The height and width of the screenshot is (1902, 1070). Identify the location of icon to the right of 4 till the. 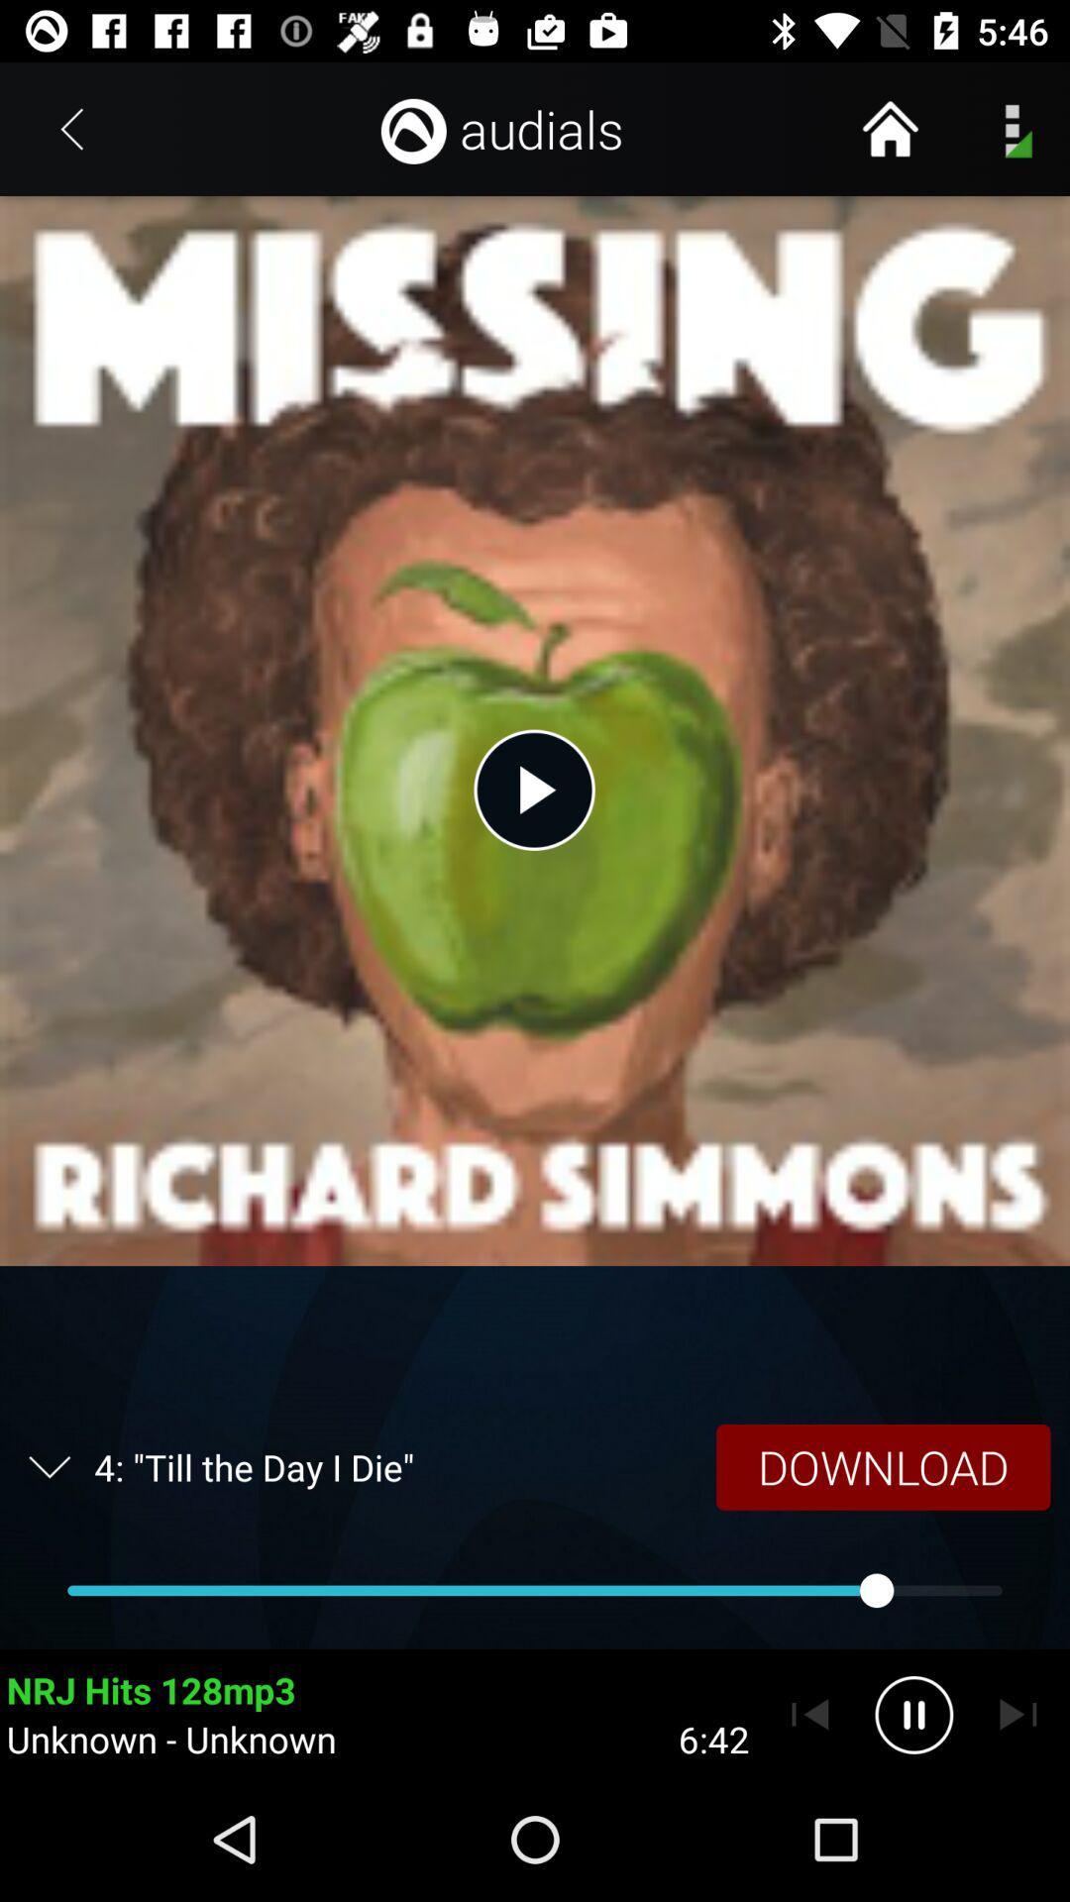
(882, 1467).